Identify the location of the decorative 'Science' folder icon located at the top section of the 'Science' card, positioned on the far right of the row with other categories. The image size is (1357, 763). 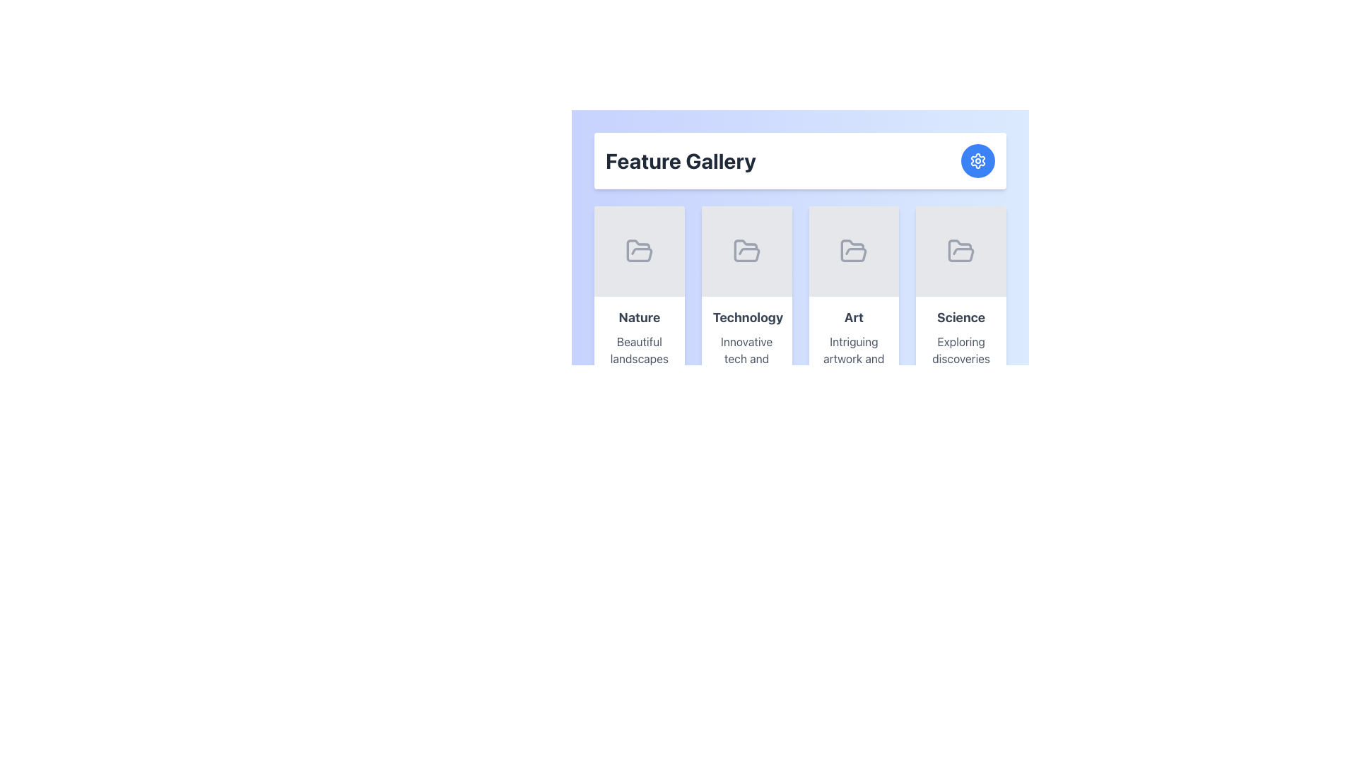
(961, 250).